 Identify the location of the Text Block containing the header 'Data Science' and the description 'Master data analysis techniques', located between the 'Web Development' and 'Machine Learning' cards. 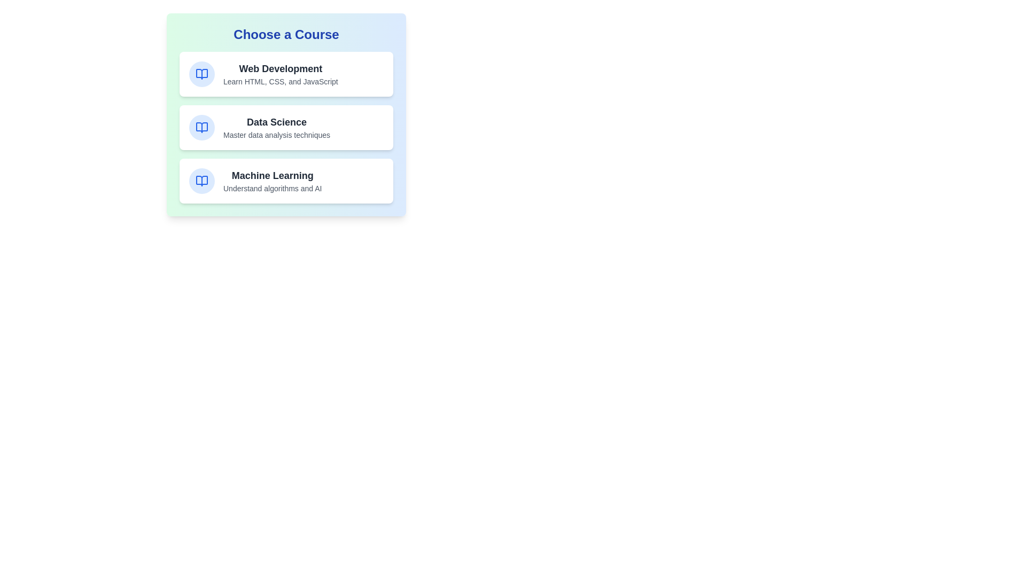
(277, 127).